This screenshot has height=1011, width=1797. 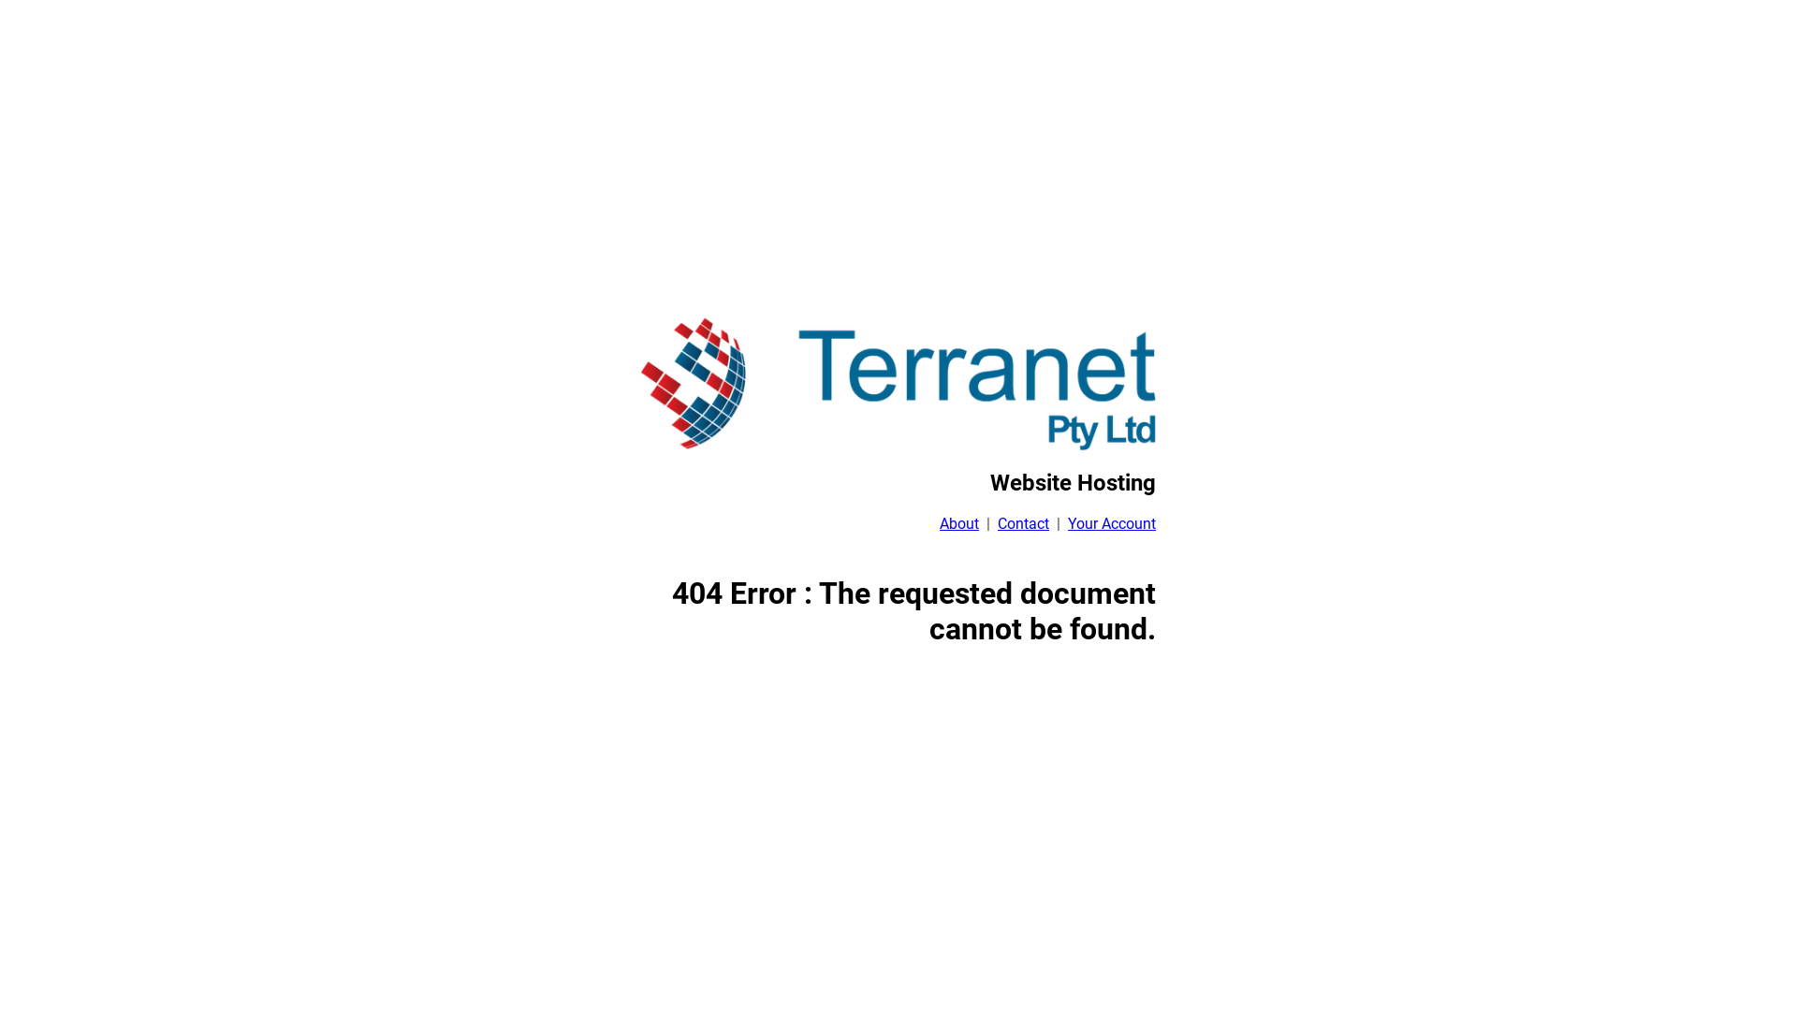 What do you see at coordinates (939, 523) in the screenshot?
I see `'About'` at bounding box center [939, 523].